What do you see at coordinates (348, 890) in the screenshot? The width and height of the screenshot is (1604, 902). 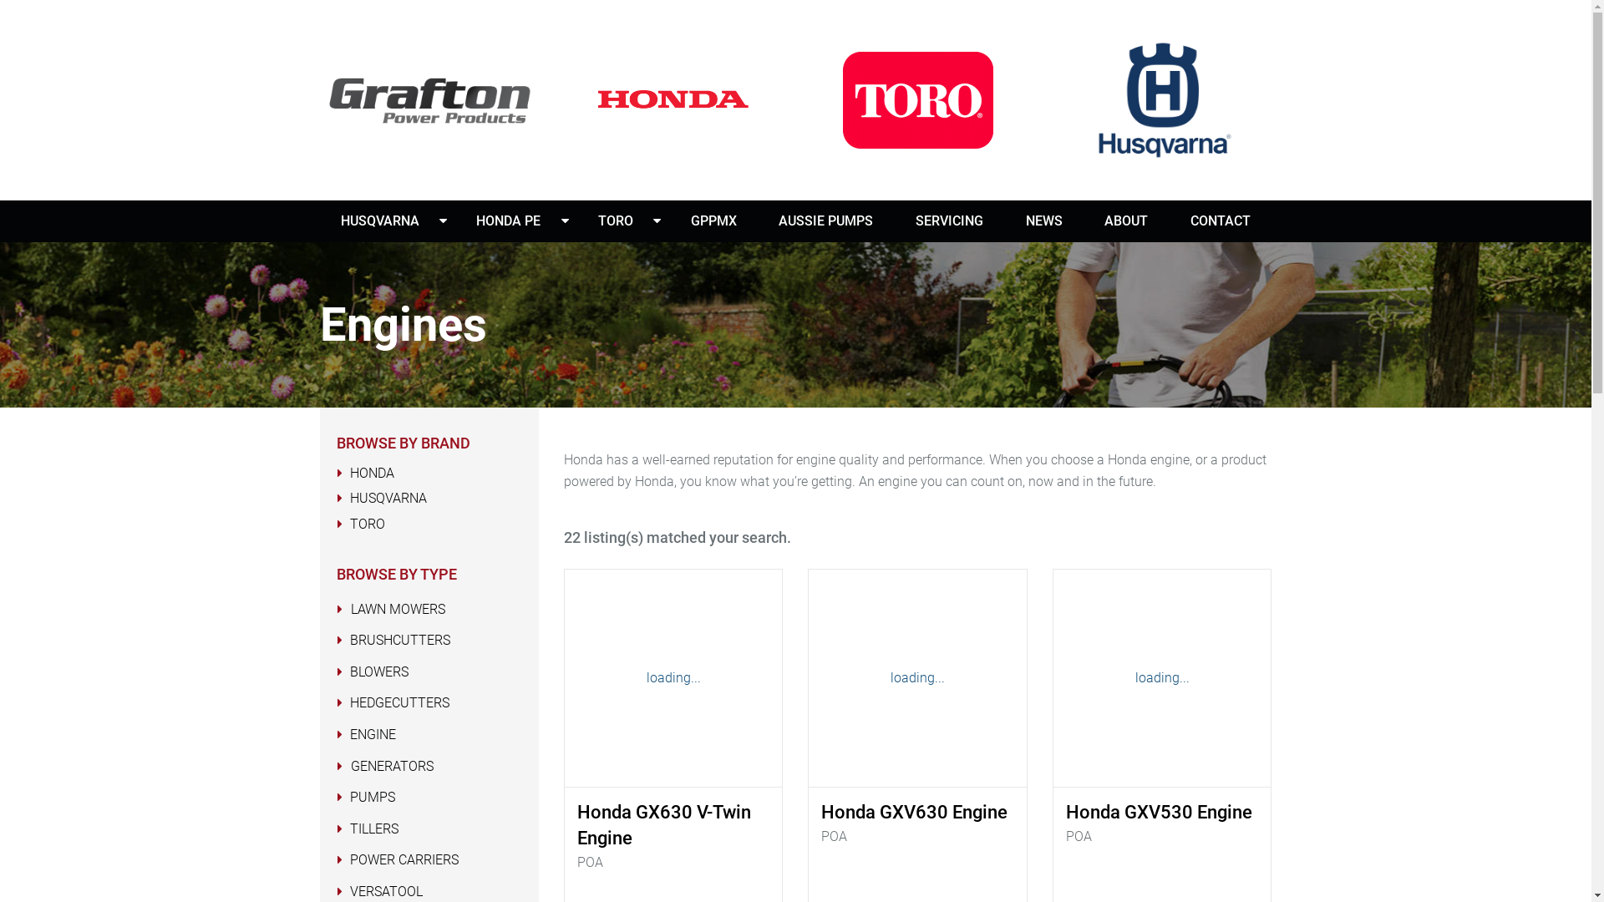 I see `'VERSATOOL'` at bounding box center [348, 890].